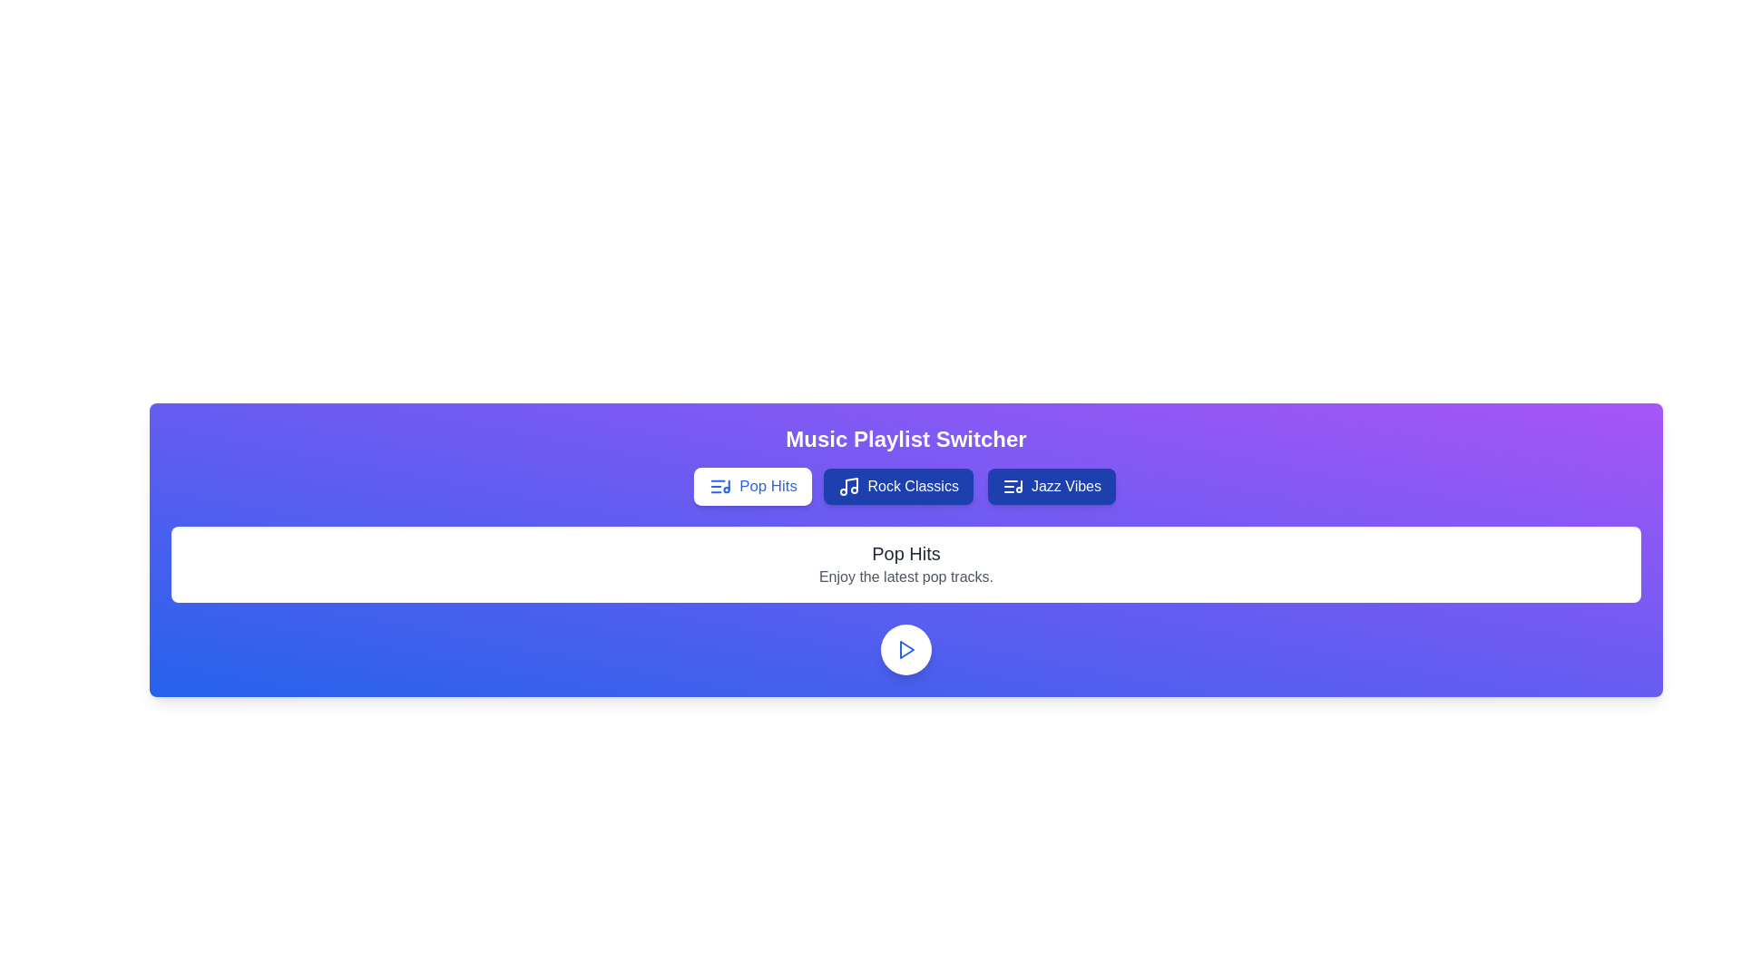 This screenshot has width=1742, height=979. Describe the element at coordinates (753, 485) in the screenshot. I see `the 'Pop Hits' music playlist selection button for navigation` at that location.